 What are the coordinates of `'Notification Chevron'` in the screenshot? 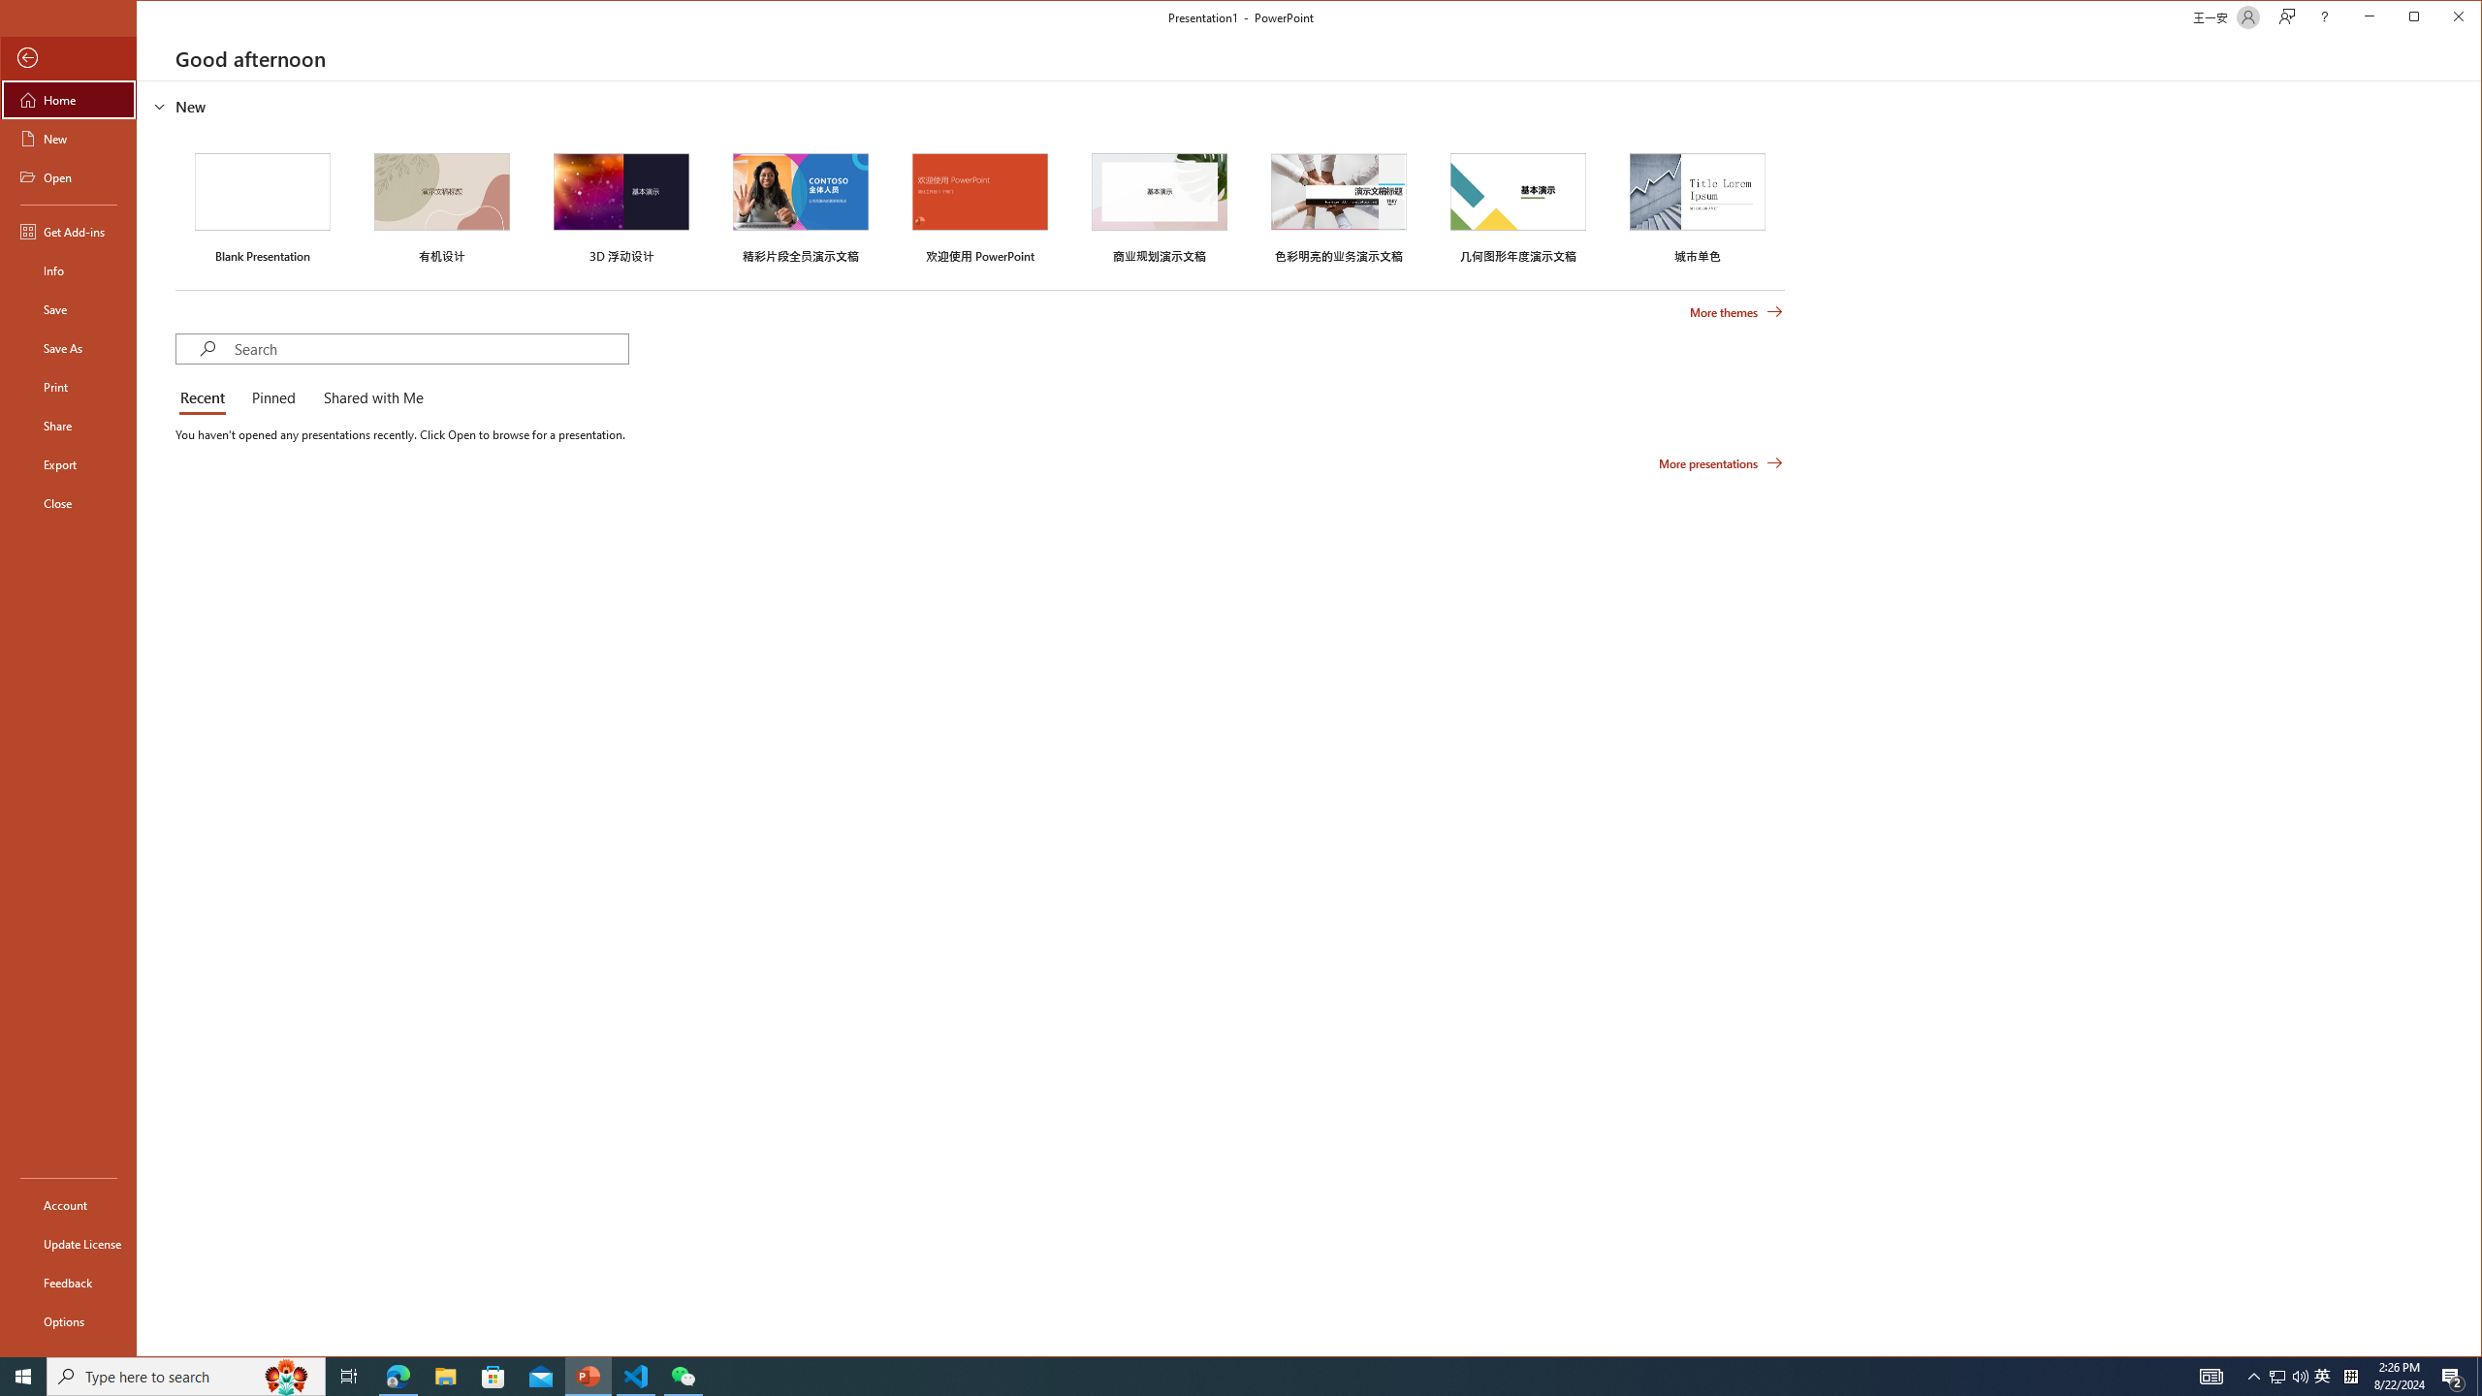 It's located at (2253, 1375).